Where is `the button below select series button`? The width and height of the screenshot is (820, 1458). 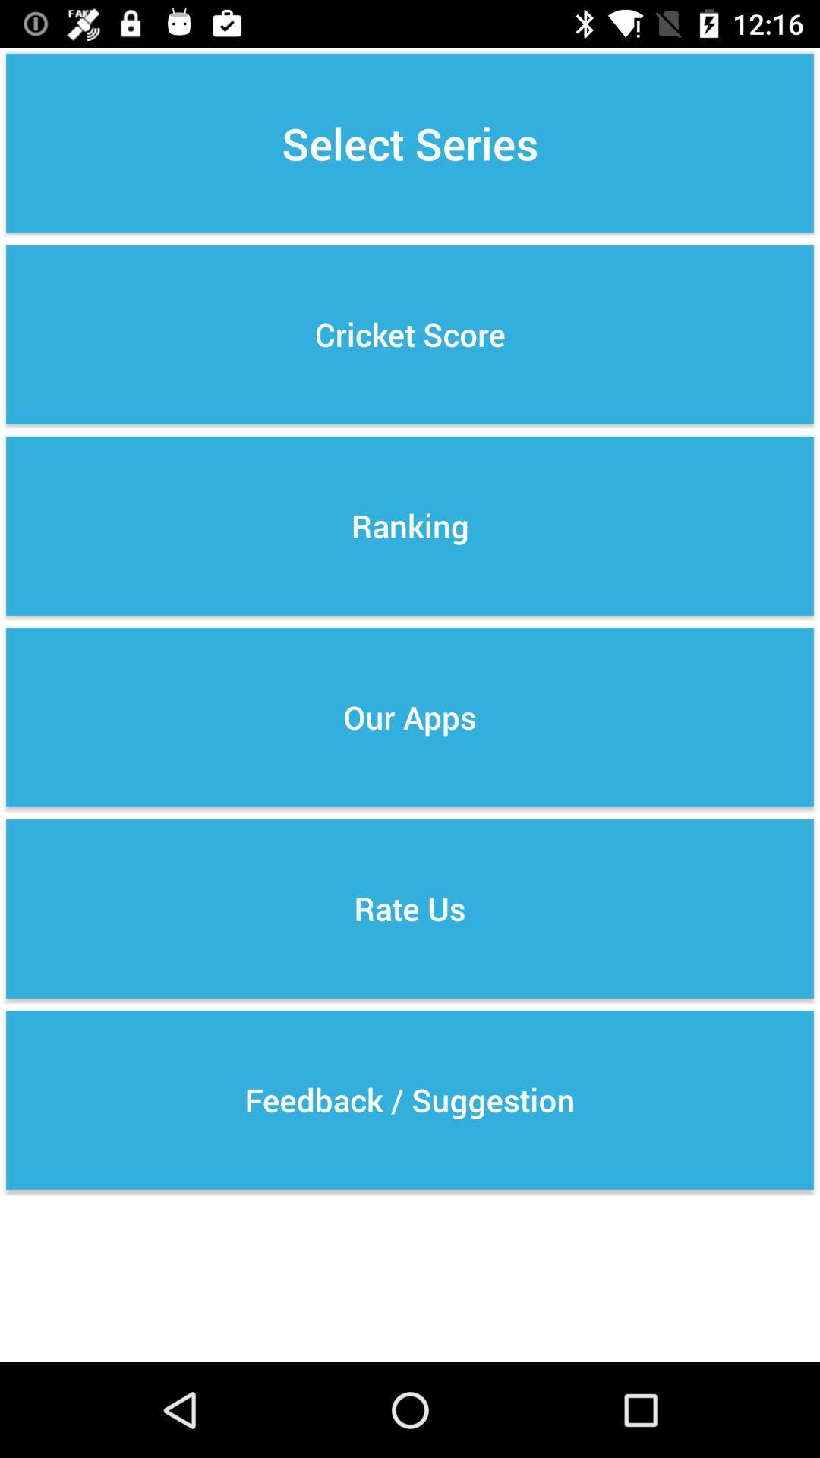
the button below select series button is located at coordinates (410, 334).